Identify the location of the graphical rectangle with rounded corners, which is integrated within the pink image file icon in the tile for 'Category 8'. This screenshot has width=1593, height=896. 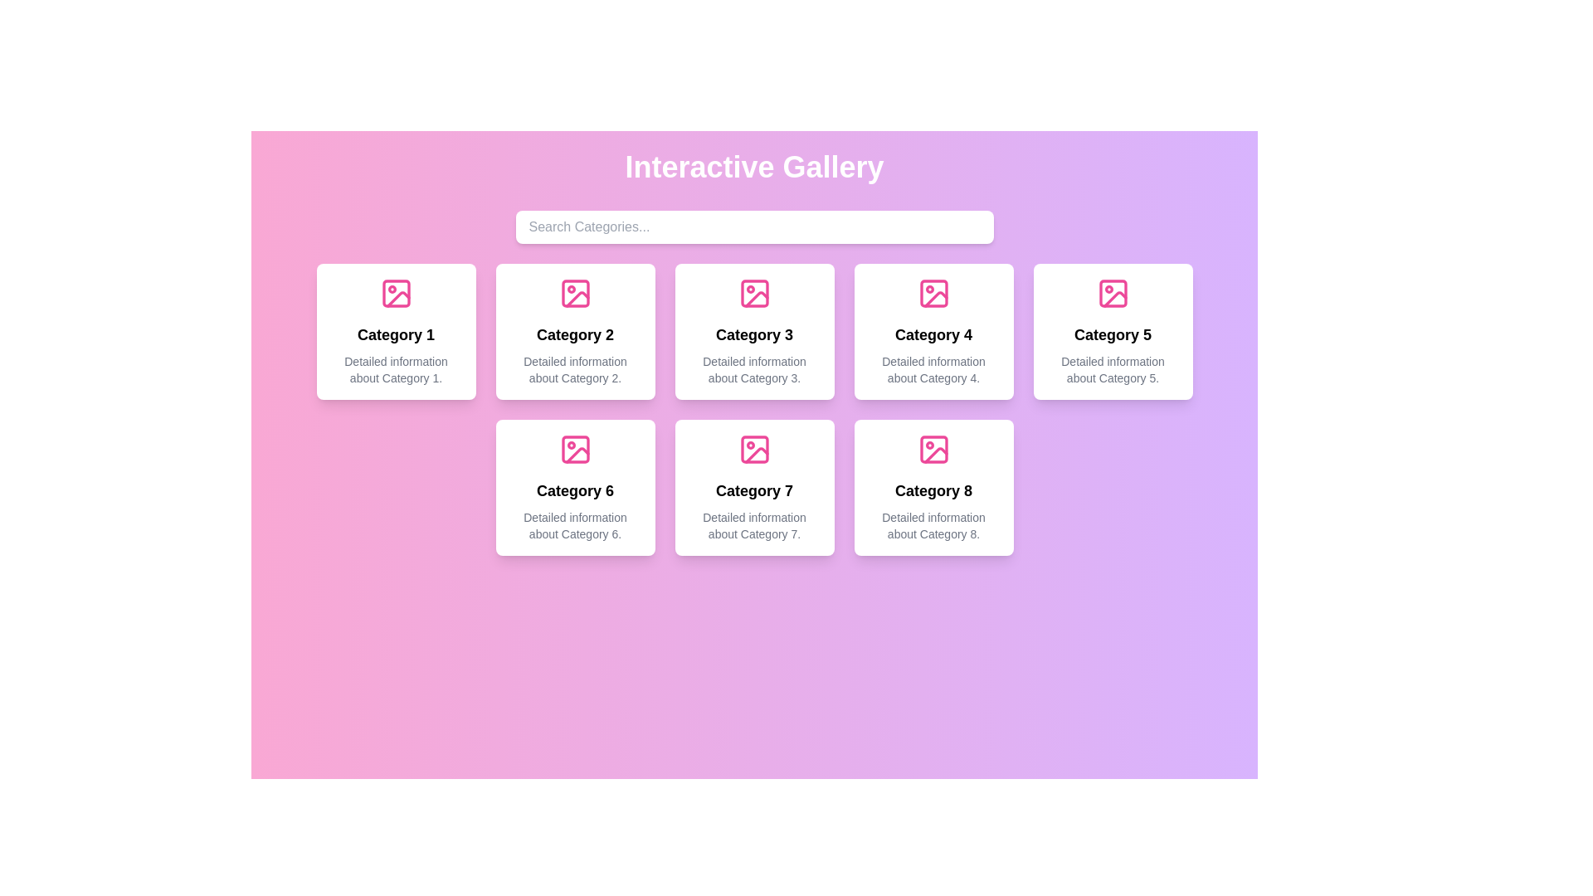
(933, 450).